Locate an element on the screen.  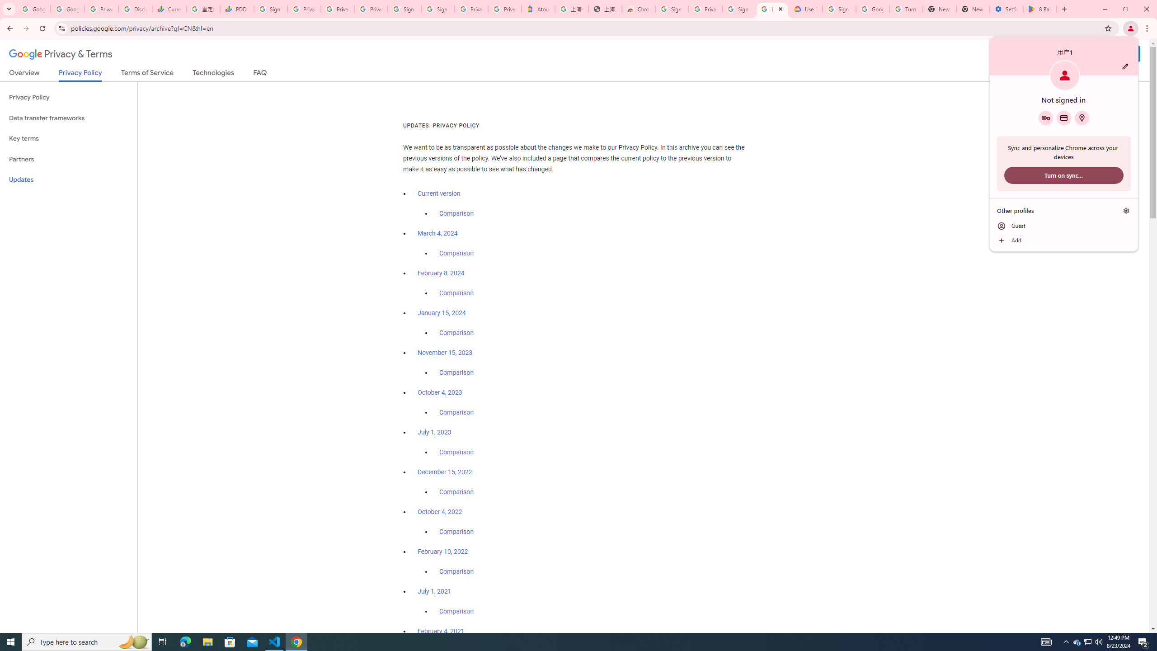
'Start' is located at coordinates (11, 641).